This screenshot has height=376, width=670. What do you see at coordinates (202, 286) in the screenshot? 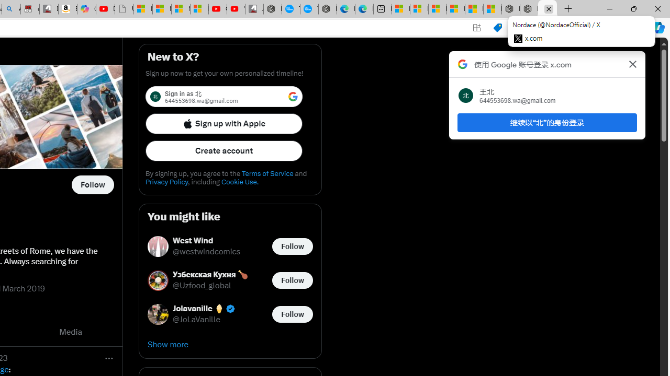
I see `'@Uzfood_global'` at bounding box center [202, 286].